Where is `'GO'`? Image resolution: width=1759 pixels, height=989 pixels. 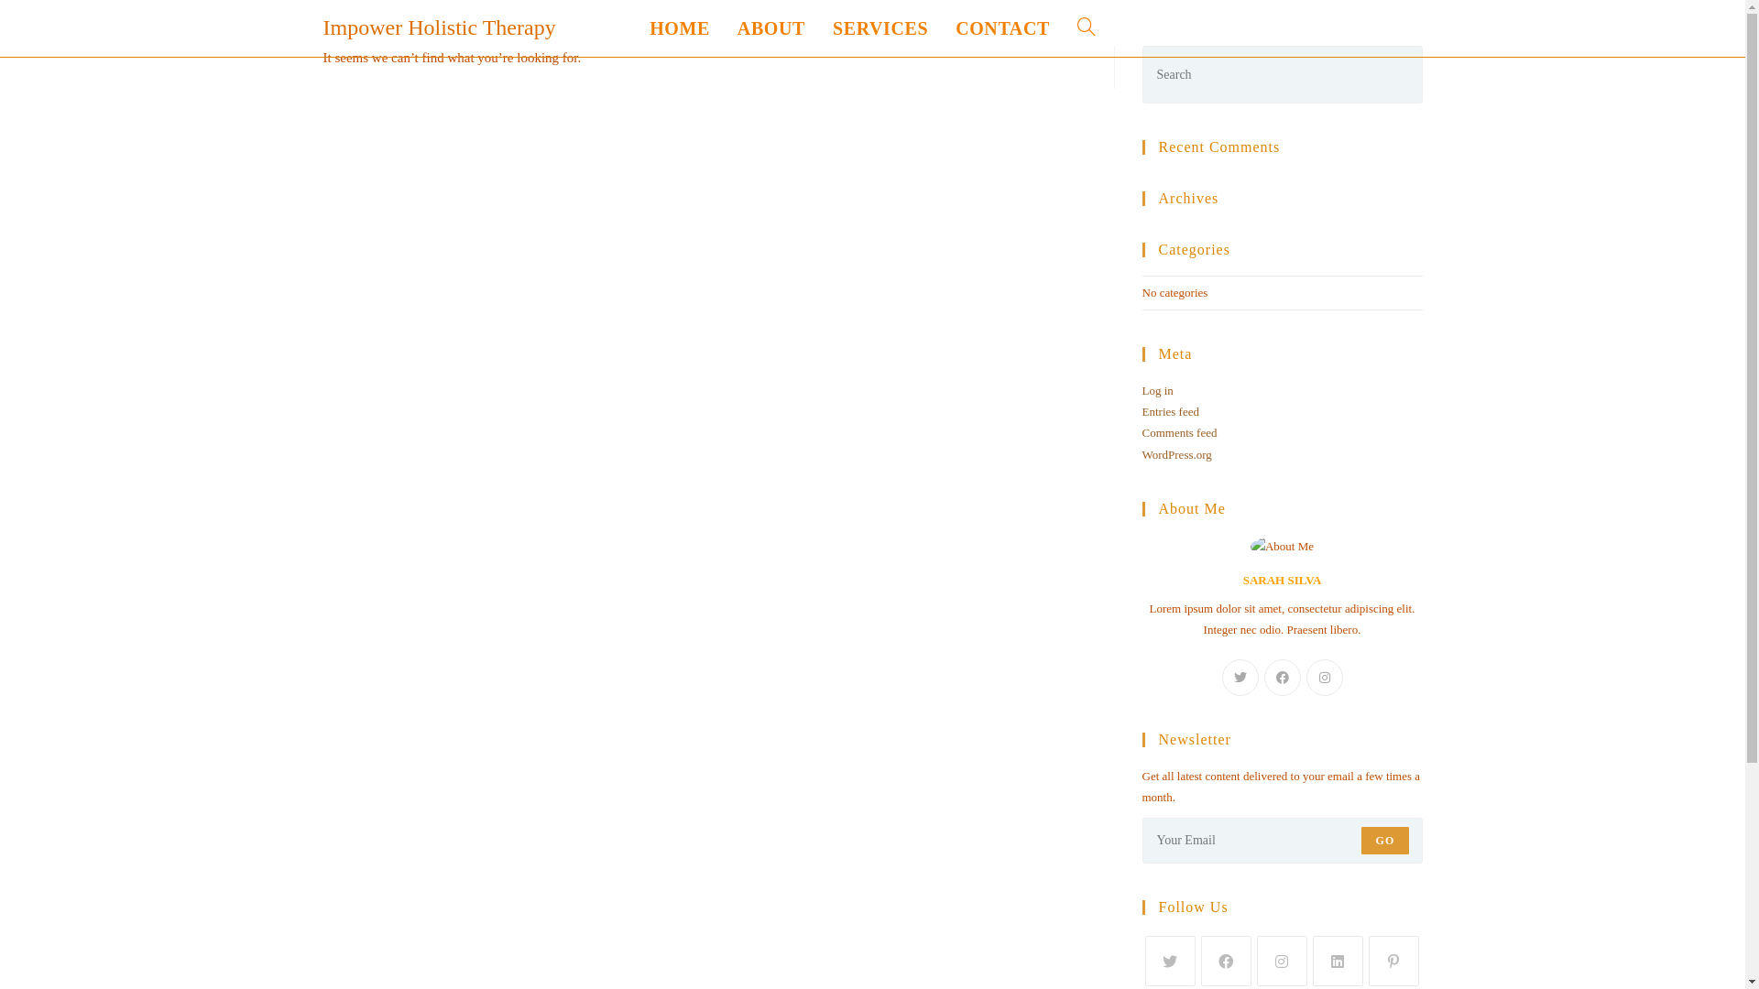
'GO' is located at coordinates (1384, 841).